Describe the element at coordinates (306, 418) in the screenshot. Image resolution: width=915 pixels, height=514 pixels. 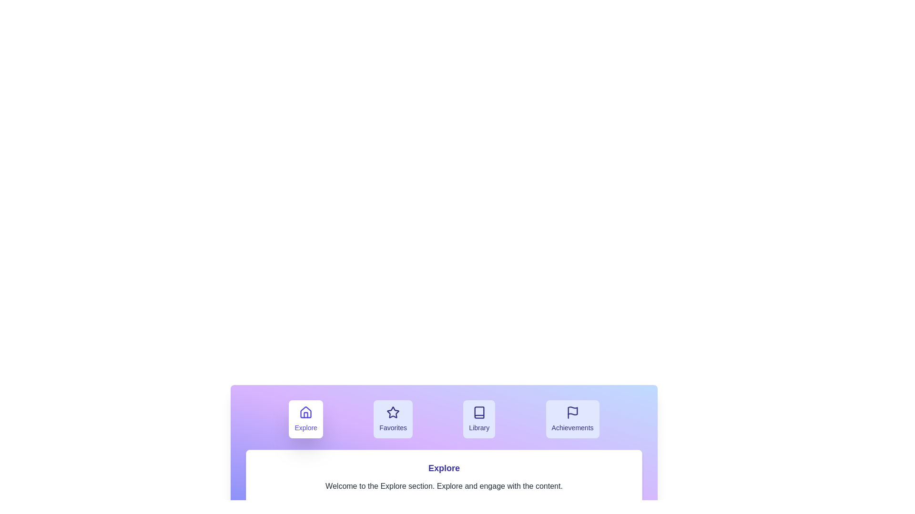
I see `the tab labeled Explore` at that location.